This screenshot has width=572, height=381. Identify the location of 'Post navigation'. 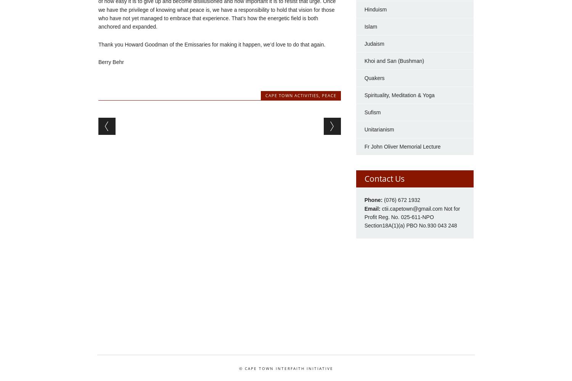
(98, 123).